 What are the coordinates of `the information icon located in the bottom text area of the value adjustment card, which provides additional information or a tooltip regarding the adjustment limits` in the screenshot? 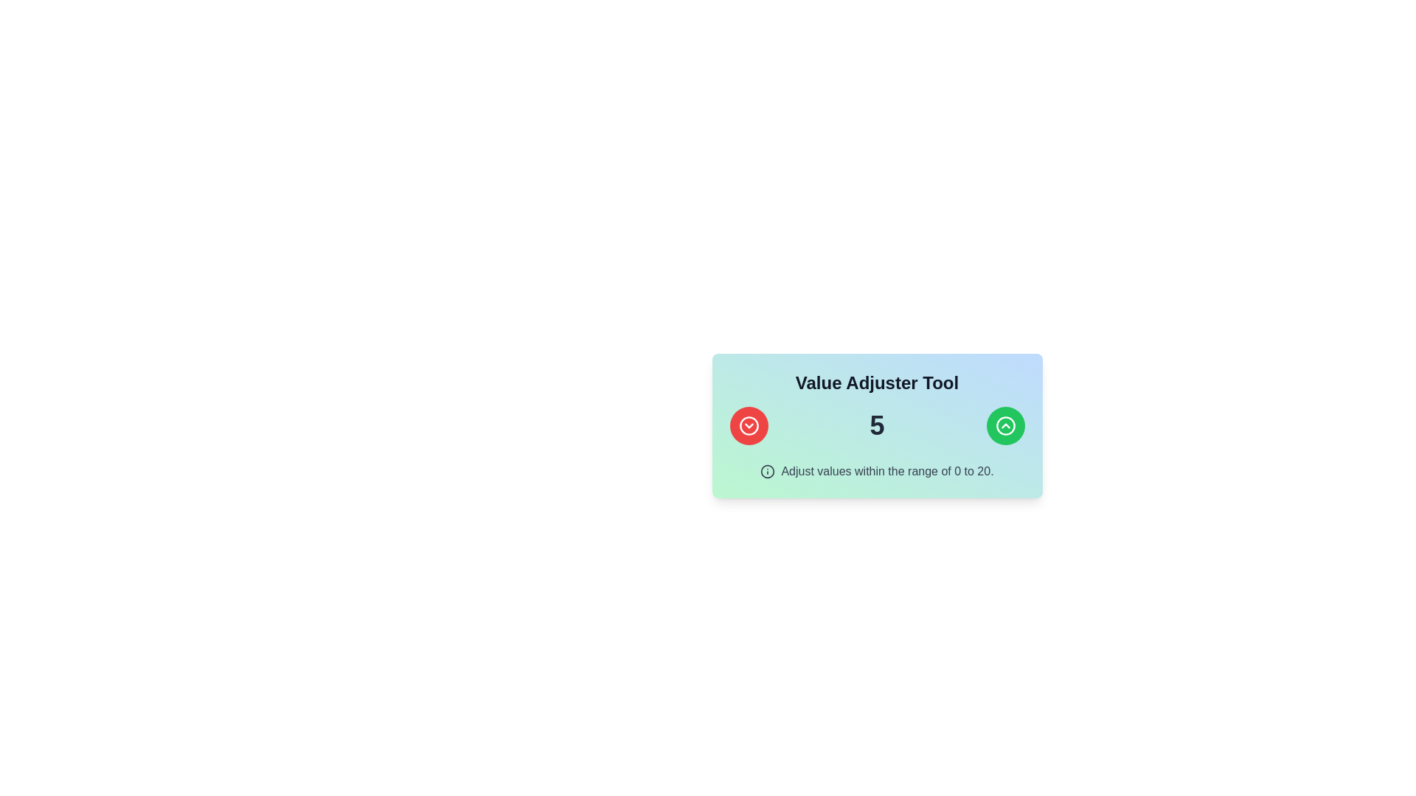 It's located at (767, 472).